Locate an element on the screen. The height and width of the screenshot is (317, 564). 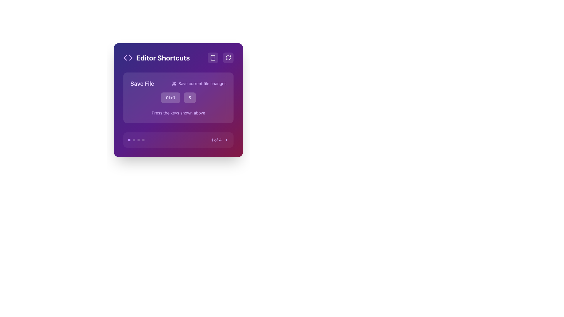
the Label with an icon that has the text 'Save current file changes', which is styled in light purple and is located beneath the 'Save File' heading is located at coordinates (199, 84).